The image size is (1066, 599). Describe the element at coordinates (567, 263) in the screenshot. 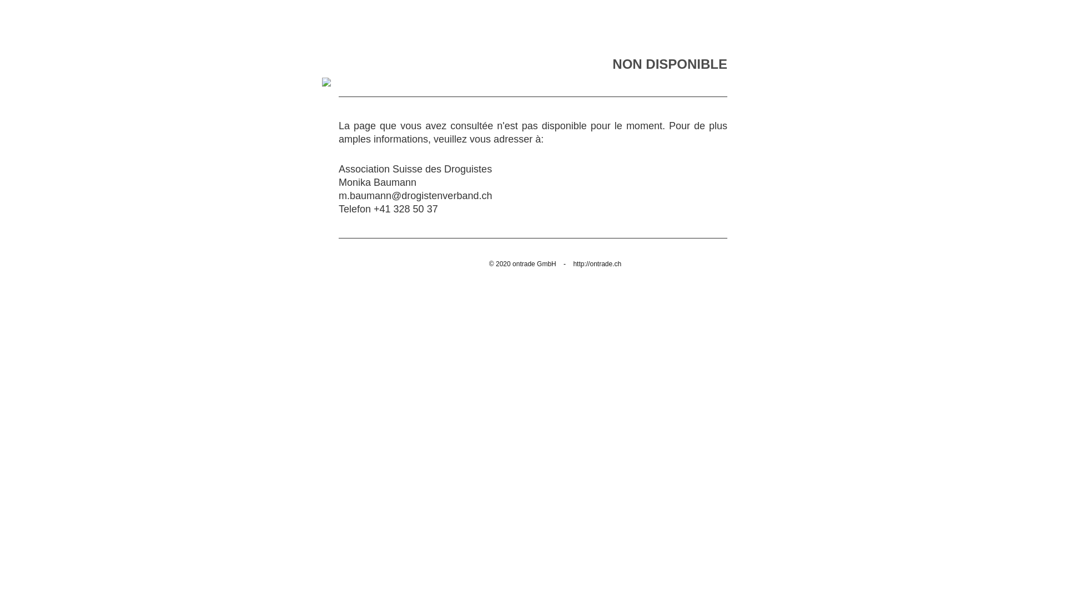

I see `'http://ontrade.ch'` at that location.